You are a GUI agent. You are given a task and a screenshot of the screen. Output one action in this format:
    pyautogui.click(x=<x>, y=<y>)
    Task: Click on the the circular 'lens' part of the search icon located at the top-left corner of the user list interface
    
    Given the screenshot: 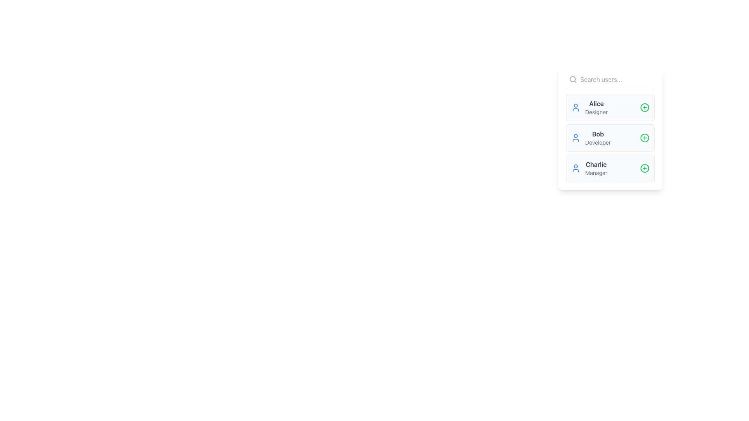 What is the action you would take?
    pyautogui.click(x=573, y=79)
    